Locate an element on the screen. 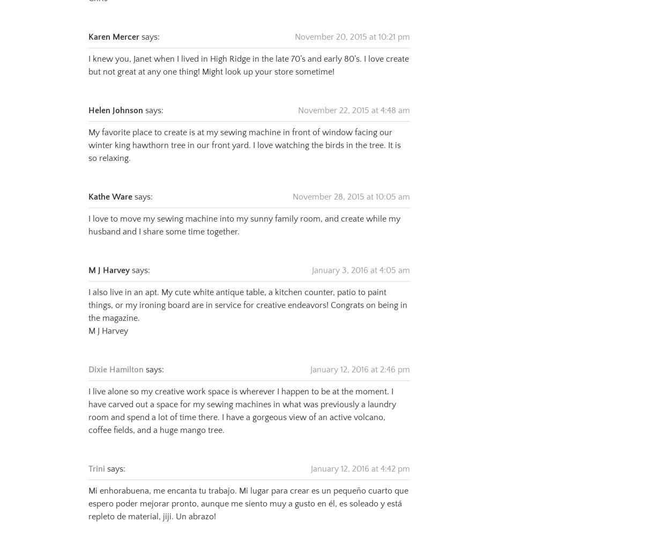 The height and width of the screenshot is (551, 670). 'January 12, 2016 at 2:46 pm' is located at coordinates (360, 355).